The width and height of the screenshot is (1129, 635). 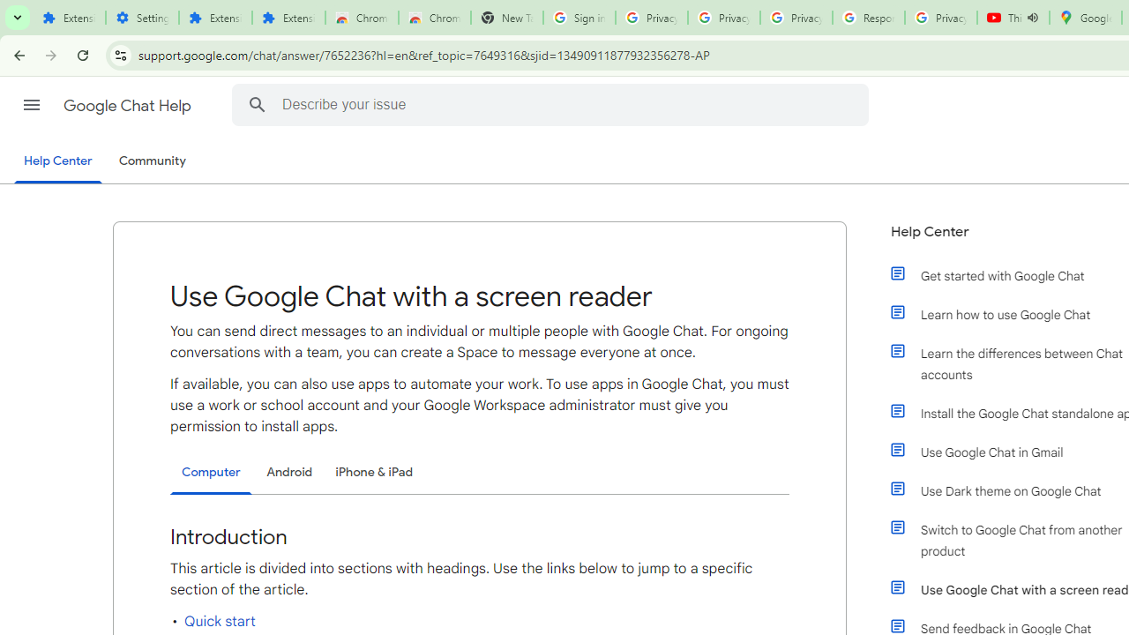 What do you see at coordinates (256, 104) in the screenshot?
I see `'Search Help Center'` at bounding box center [256, 104].